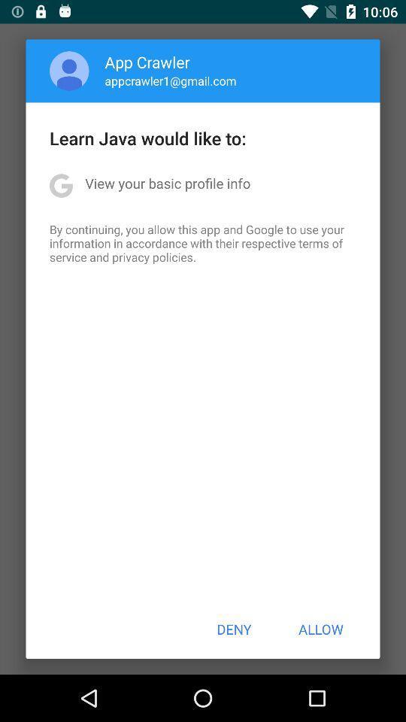  I want to click on the deny icon, so click(234, 629).